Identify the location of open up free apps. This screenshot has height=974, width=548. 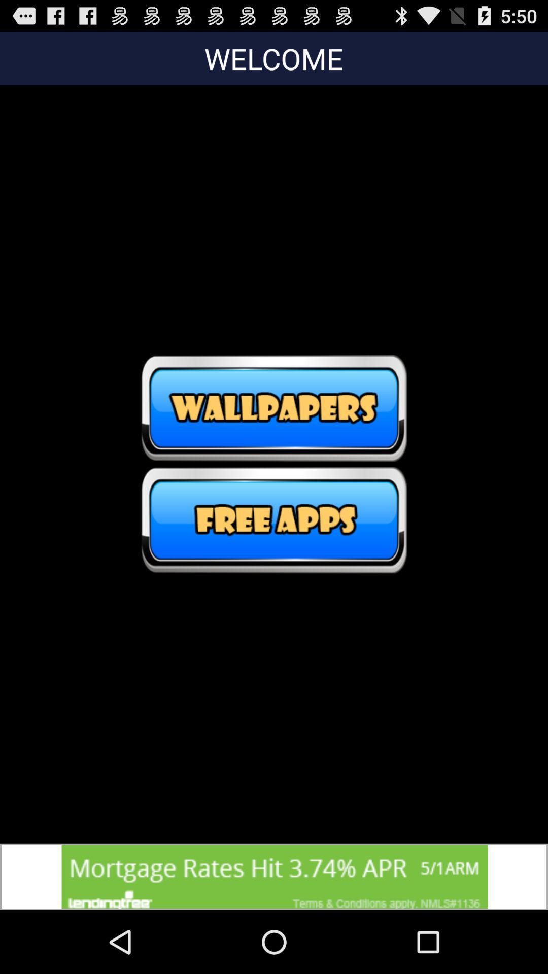
(274, 520).